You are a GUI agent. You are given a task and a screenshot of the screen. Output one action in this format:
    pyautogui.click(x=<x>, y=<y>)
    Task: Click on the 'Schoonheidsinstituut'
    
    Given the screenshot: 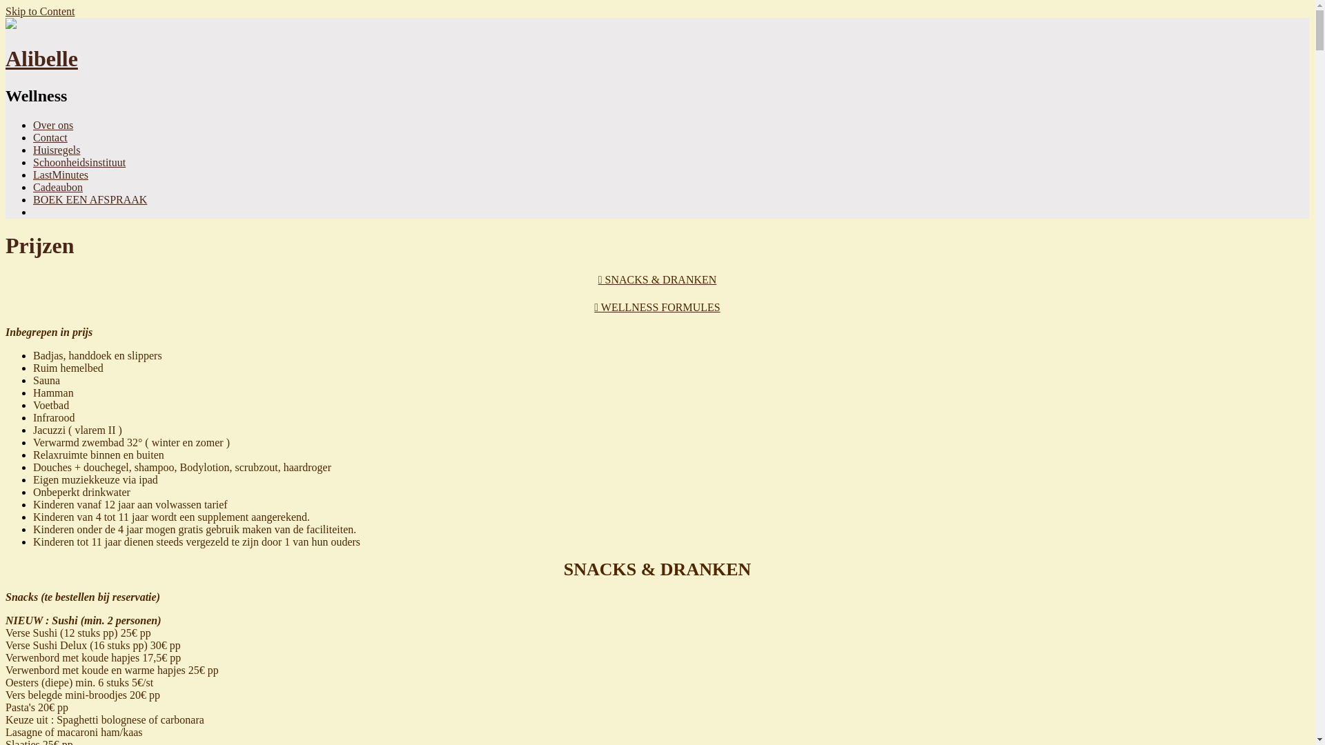 What is the action you would take?
    pyautogui.click(x=79, y=161)
    